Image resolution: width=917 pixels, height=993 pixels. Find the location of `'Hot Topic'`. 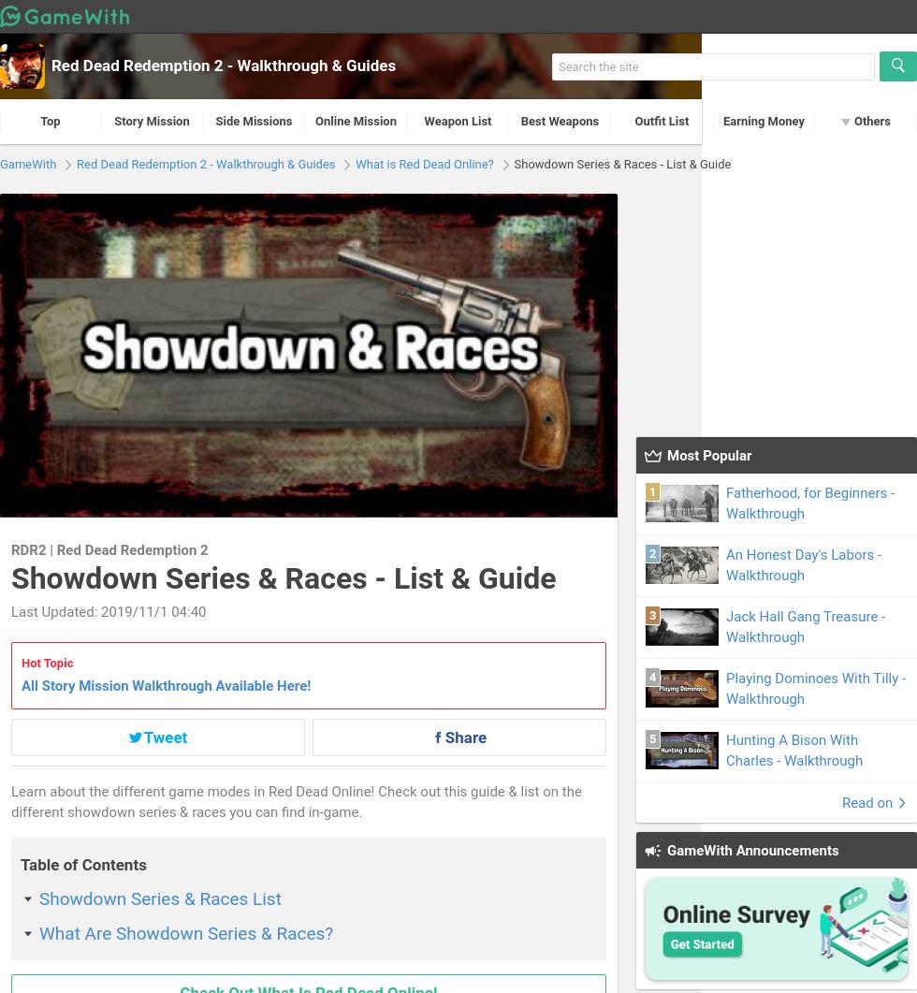

'Hot Topic' is located at coordinates (22, 661).